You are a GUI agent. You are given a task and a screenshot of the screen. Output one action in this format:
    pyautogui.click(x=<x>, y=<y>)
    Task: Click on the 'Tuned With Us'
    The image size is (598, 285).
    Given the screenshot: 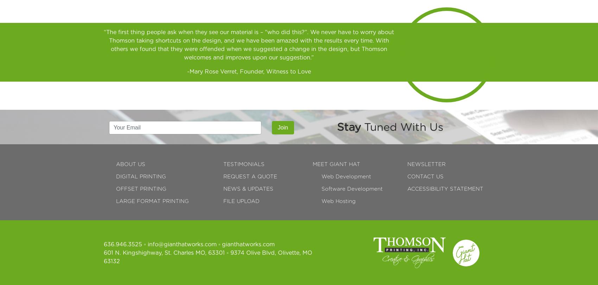 What is the action you would take?
    pyautogui.click(x=402, y=127)
    